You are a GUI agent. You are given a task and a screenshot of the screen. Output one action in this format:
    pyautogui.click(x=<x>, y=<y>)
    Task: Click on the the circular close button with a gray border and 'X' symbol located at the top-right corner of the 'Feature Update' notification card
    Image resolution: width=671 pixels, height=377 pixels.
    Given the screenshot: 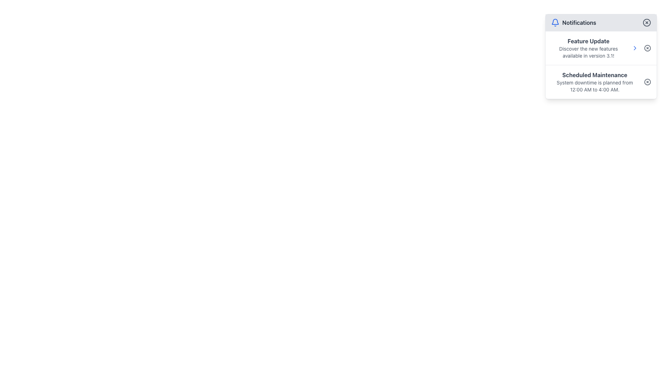 What is the action you would take?
    pyautogui.click(x=647, y=48)
    